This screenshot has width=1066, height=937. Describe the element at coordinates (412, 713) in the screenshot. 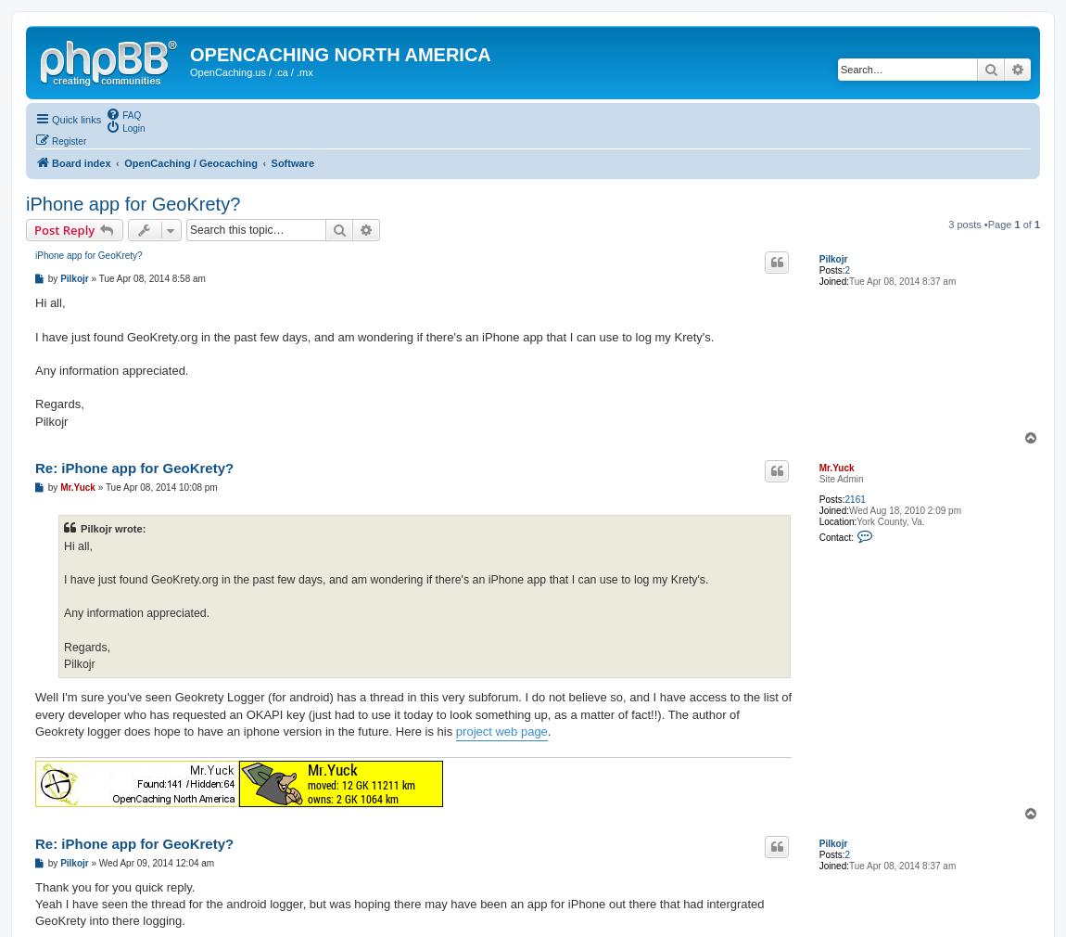

I see `'Well I'm sure you've seen Geokrety Logger (for android) has a thread in this very subforum. I do not believe so, and I have access to the list of every developer who has requested an OKAPI key (just had to use it today to look something up, as a matter of fact!!). The author of Geokrety logger does hope to have an iphone version in the future. Here is his'` at that location.